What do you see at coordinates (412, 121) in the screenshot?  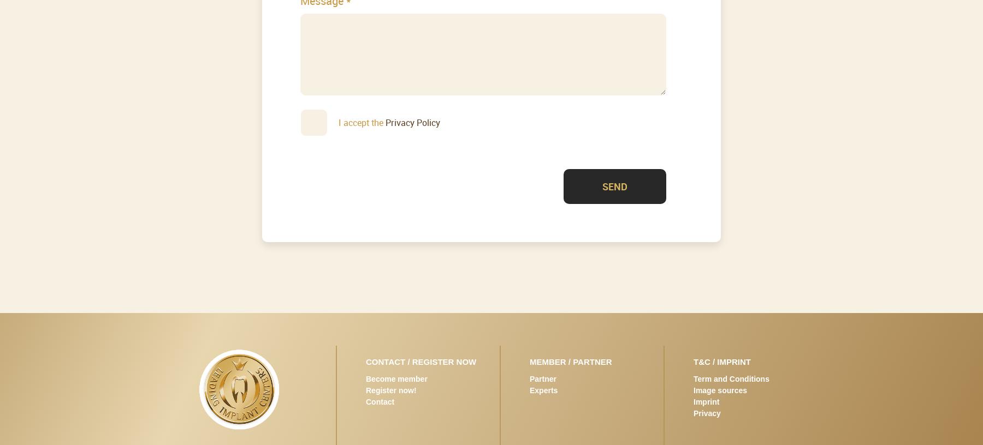 I see `'Privacy Policy'` at bounding box center [412, 121].